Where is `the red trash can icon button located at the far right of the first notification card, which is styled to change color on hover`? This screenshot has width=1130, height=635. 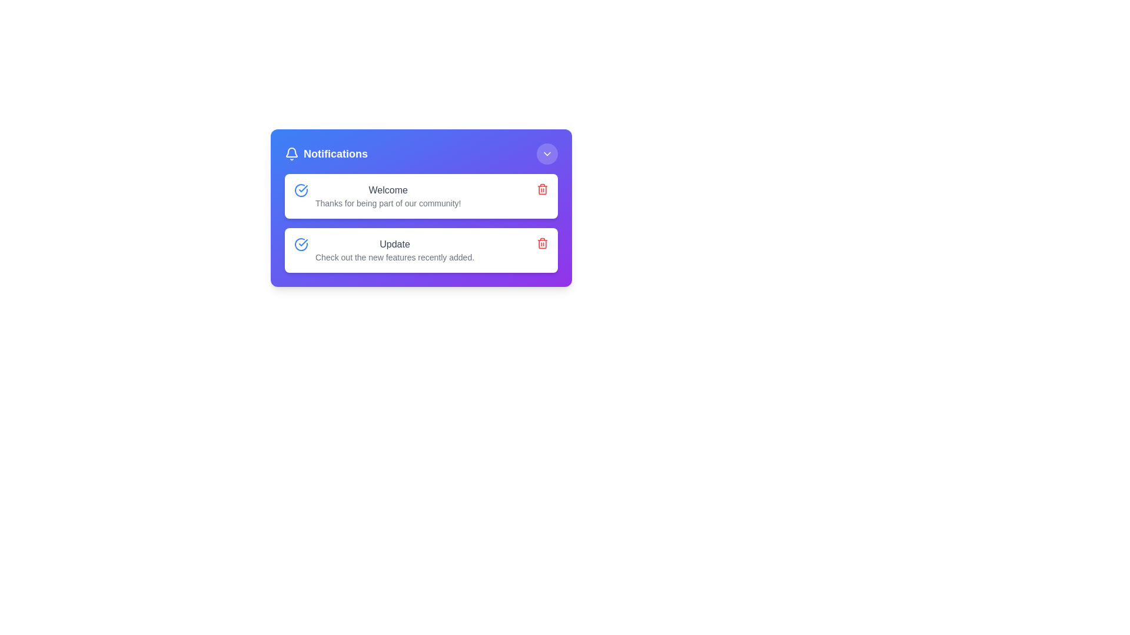 the red trash can icon button located at the far right of the first notification card, which is styled to change color on hover is located at coordinates (541, 188).